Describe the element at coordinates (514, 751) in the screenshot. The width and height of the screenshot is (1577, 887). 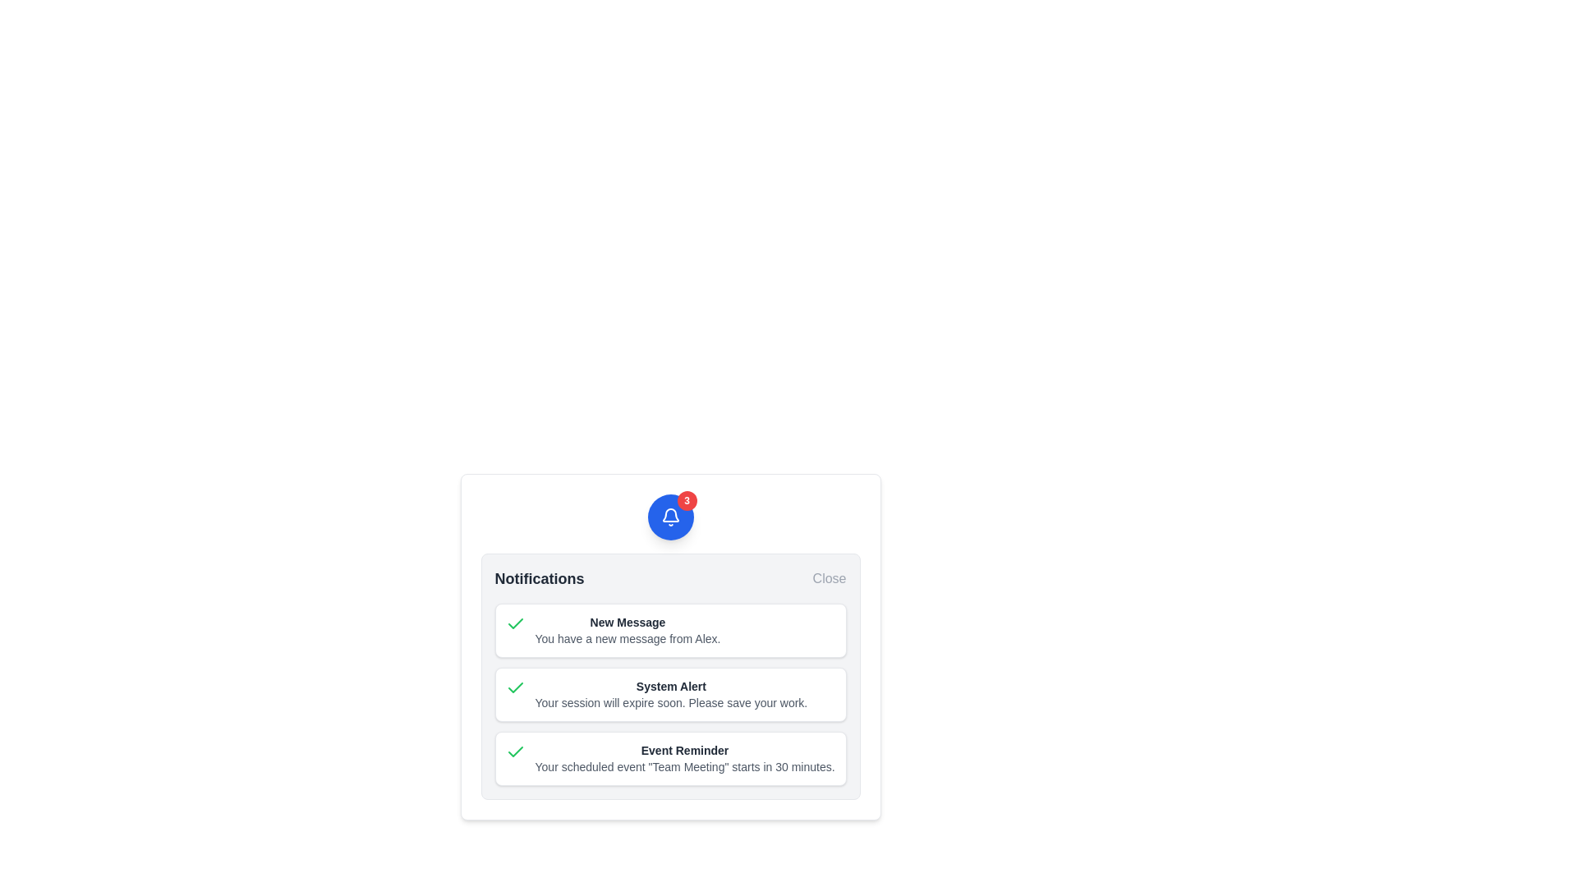
I see `the green checkmark icon located on the left side of the bottom notification item in the notifications panel, which indicates a positive or confirmed action` at that location.